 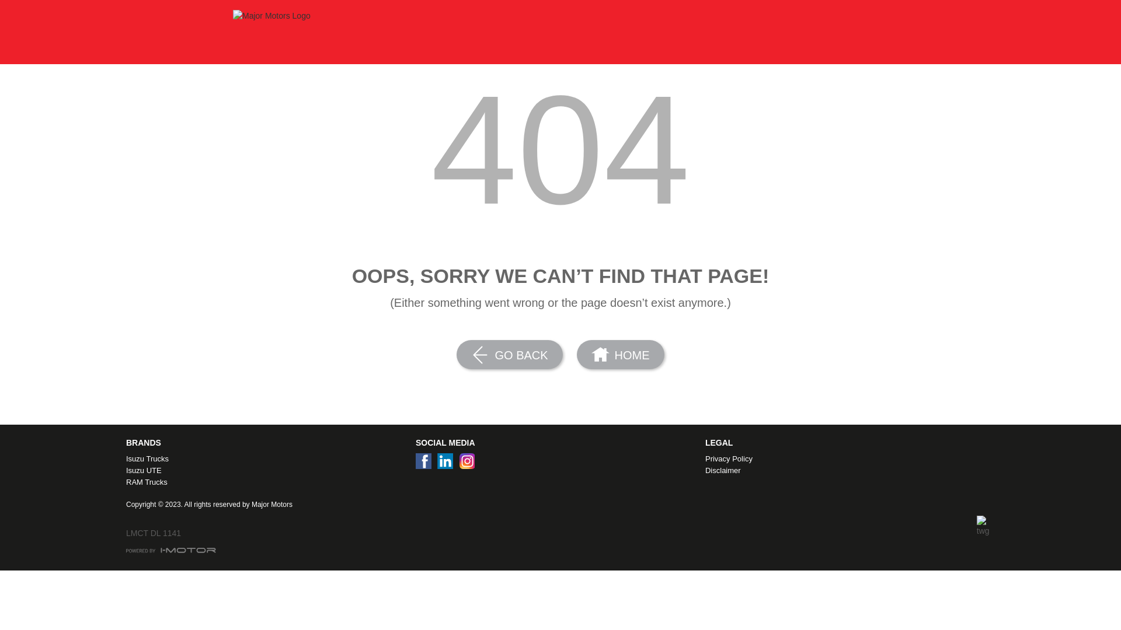 I want to click on 'facebook', so click(x=426, y=463).